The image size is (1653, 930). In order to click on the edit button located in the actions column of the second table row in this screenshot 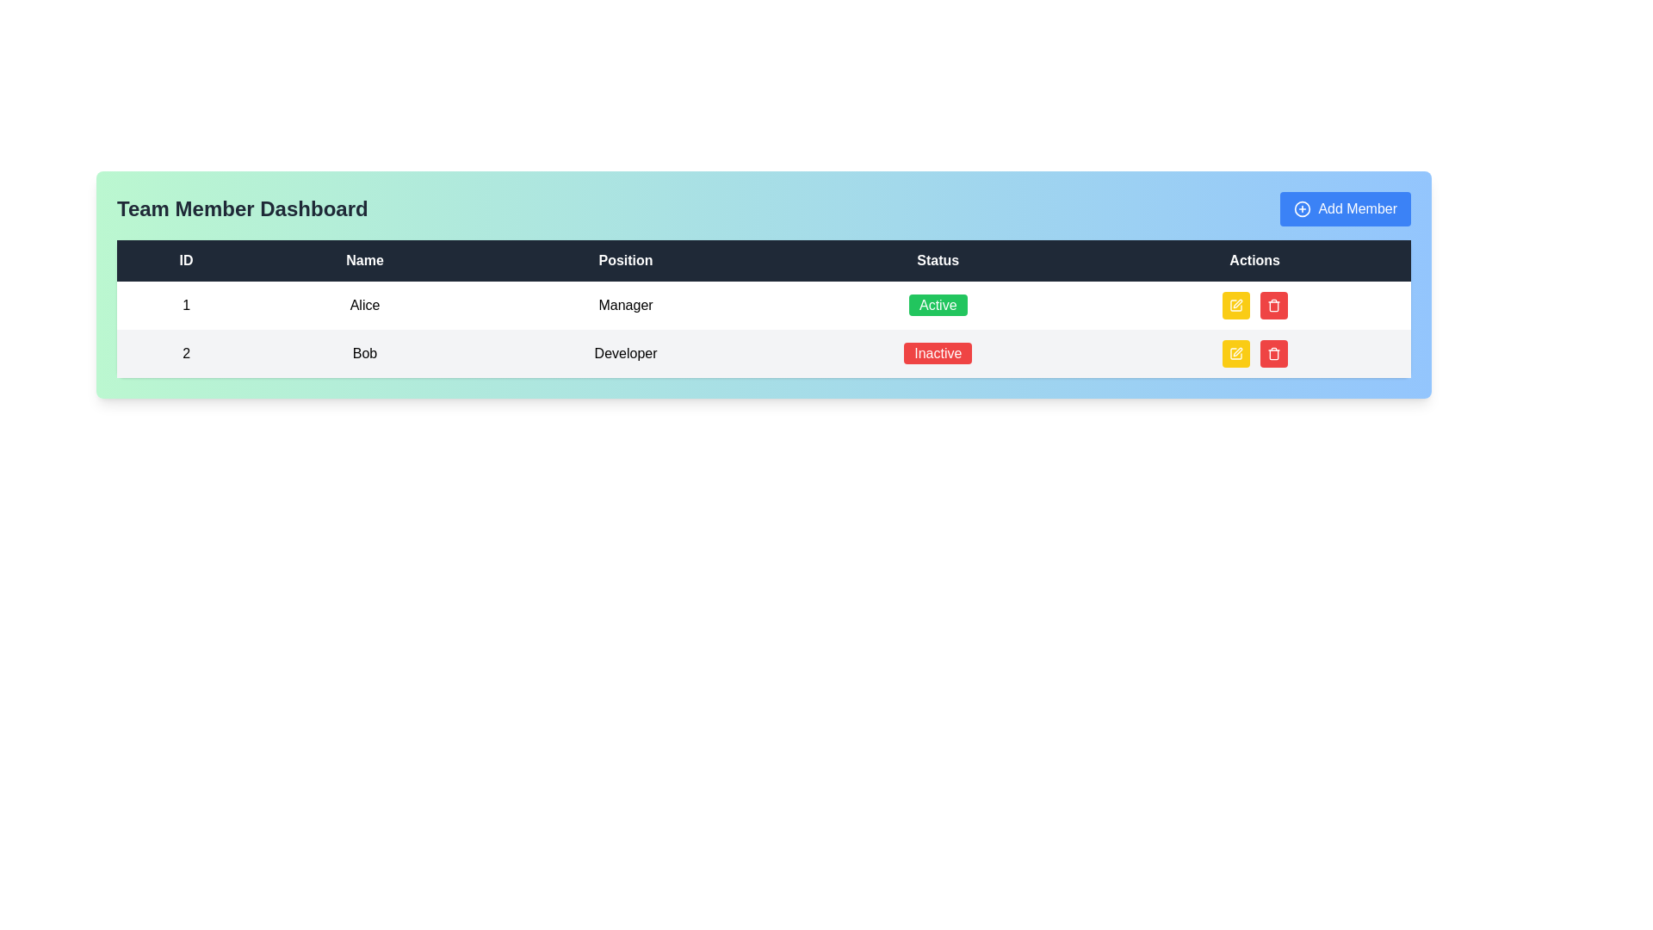, I will do `click(1235, 304)`.